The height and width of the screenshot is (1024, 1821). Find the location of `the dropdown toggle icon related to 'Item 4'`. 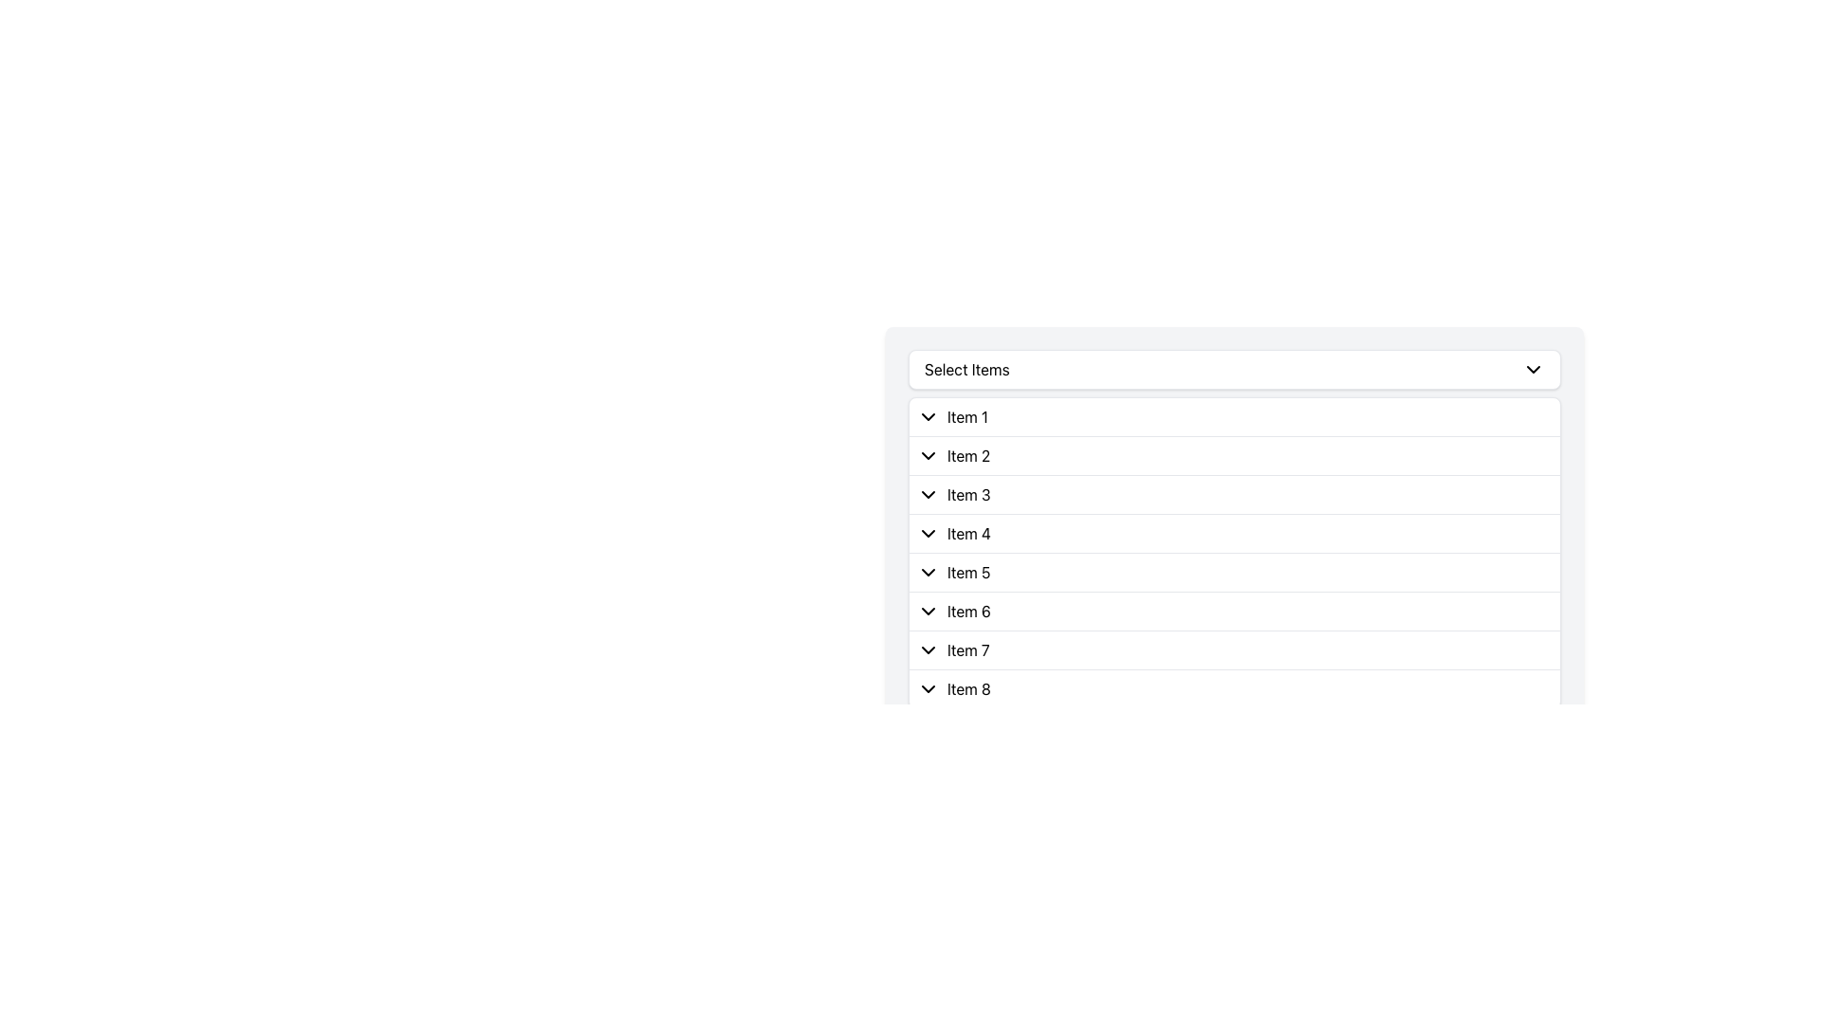

the dropdown toggle icon related to 'Item 4' is located at coordinates (929, 534).